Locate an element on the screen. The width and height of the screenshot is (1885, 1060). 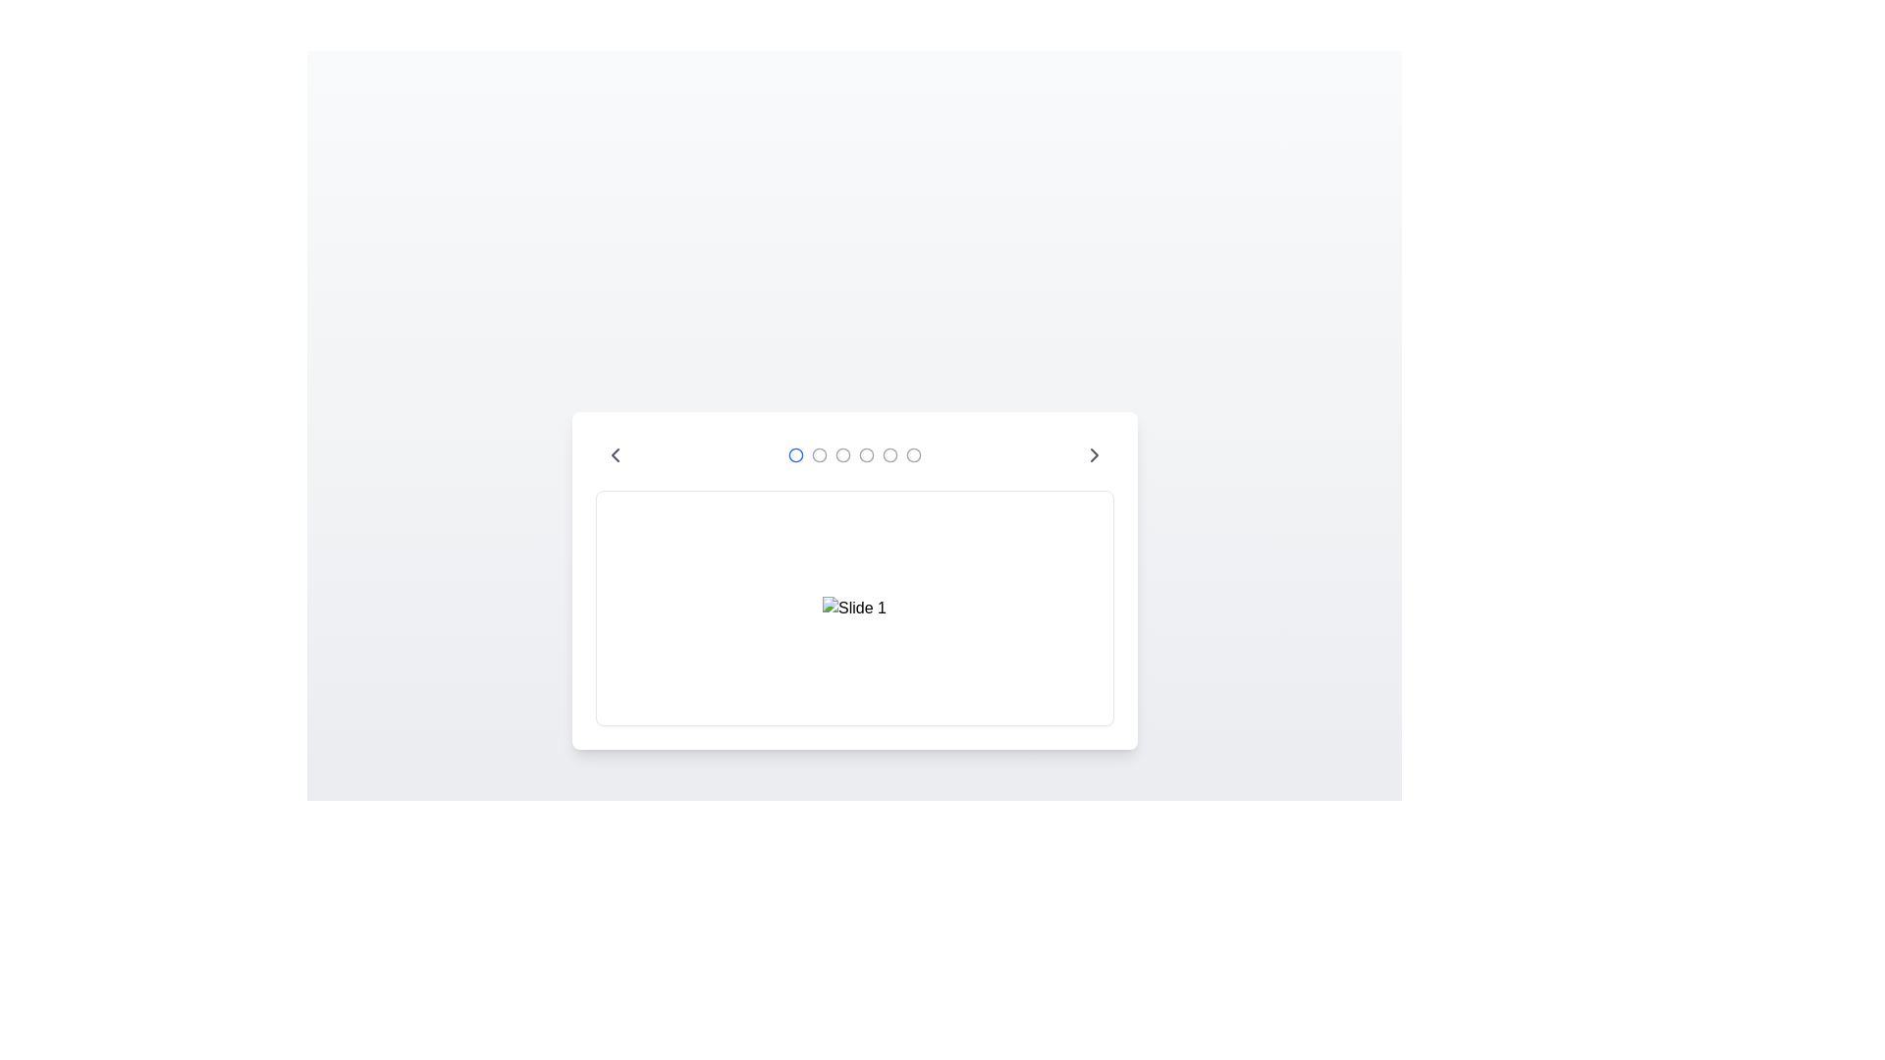
the left arrow button to navigate to the previous image is located at coordinates (614, 454).